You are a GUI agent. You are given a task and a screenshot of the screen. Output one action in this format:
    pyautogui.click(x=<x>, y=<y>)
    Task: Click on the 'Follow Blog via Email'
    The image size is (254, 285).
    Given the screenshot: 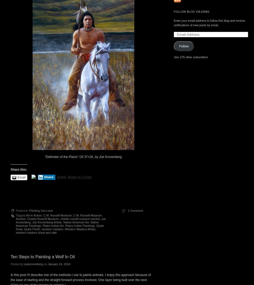 What is the action you would take?
    pyautogui.click(x=191, y=11)
    